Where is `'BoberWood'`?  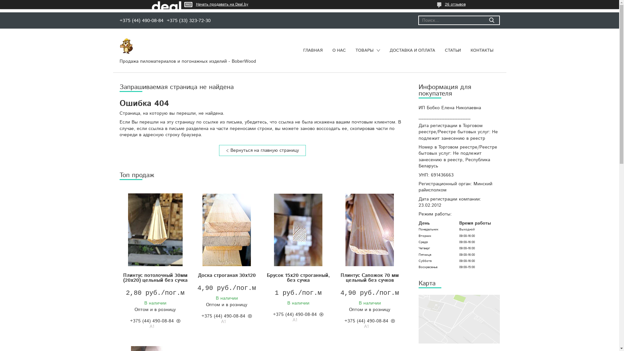 'BoberWood' is located at coordinates (120, 45).